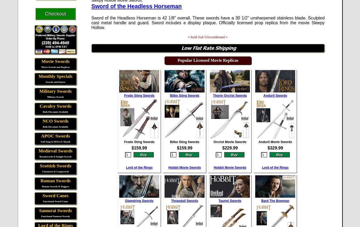 The height and width of the screenshot is (227, 360). What do you see at coordinates (177, 60) in the screenshot?
I see `'Popular Licensed Movie Replicas'` at bounding box center [177, 60].